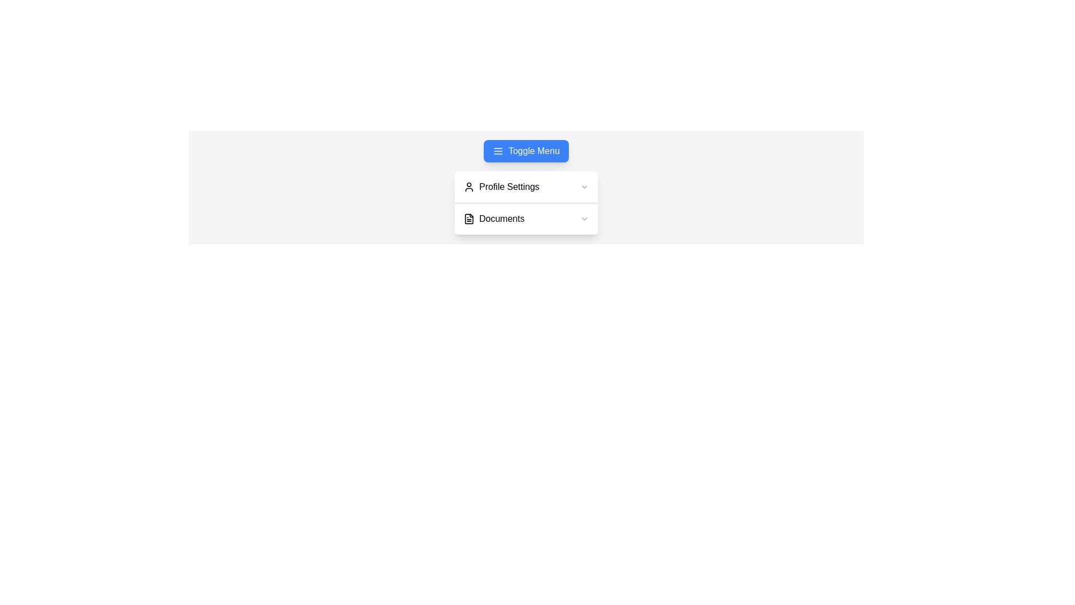  I want to click on the area of the vertically stacked panel containing 'Profile Settings' and 'Documents' to interact with menu options, so click(526, 203).